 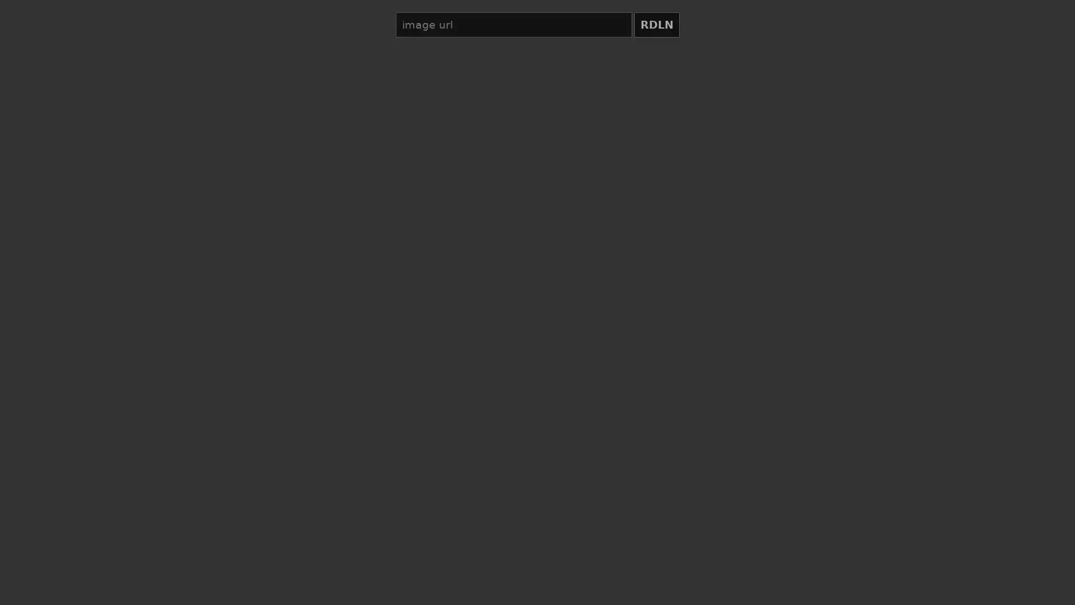 What do you see at coordinates (656, 25) in the screenshot?
I see `RDLN` at bounding box center [656, 25].